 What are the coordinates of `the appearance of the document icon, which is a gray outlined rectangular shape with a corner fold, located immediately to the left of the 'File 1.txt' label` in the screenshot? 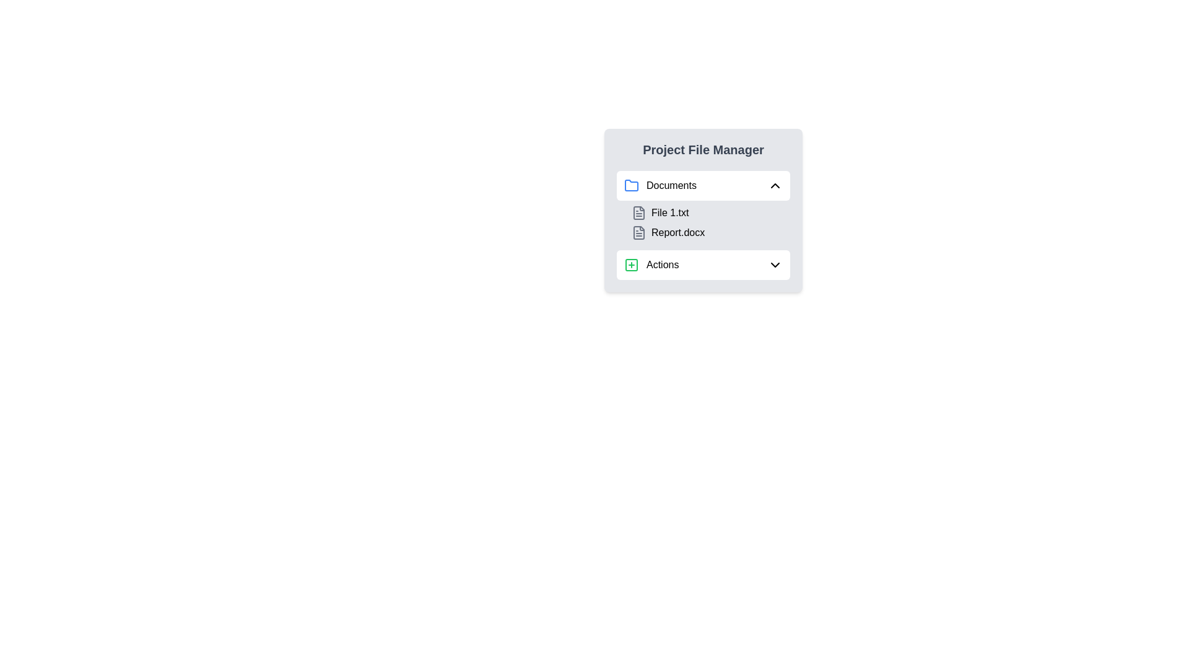 It's located at (639, 212).